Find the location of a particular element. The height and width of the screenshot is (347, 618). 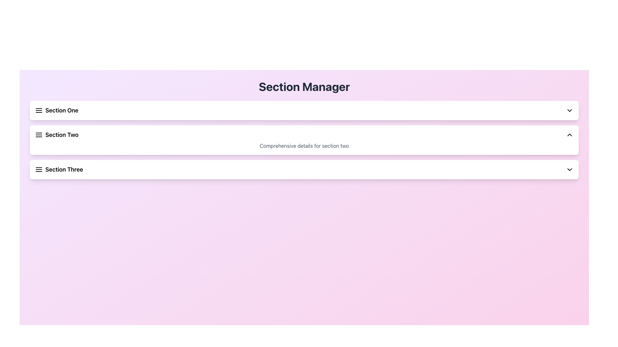

the SVG Icon positioned to the left of the text 'Section One' in the first section under 'Section Manager' is located at coordinates (38, 110).